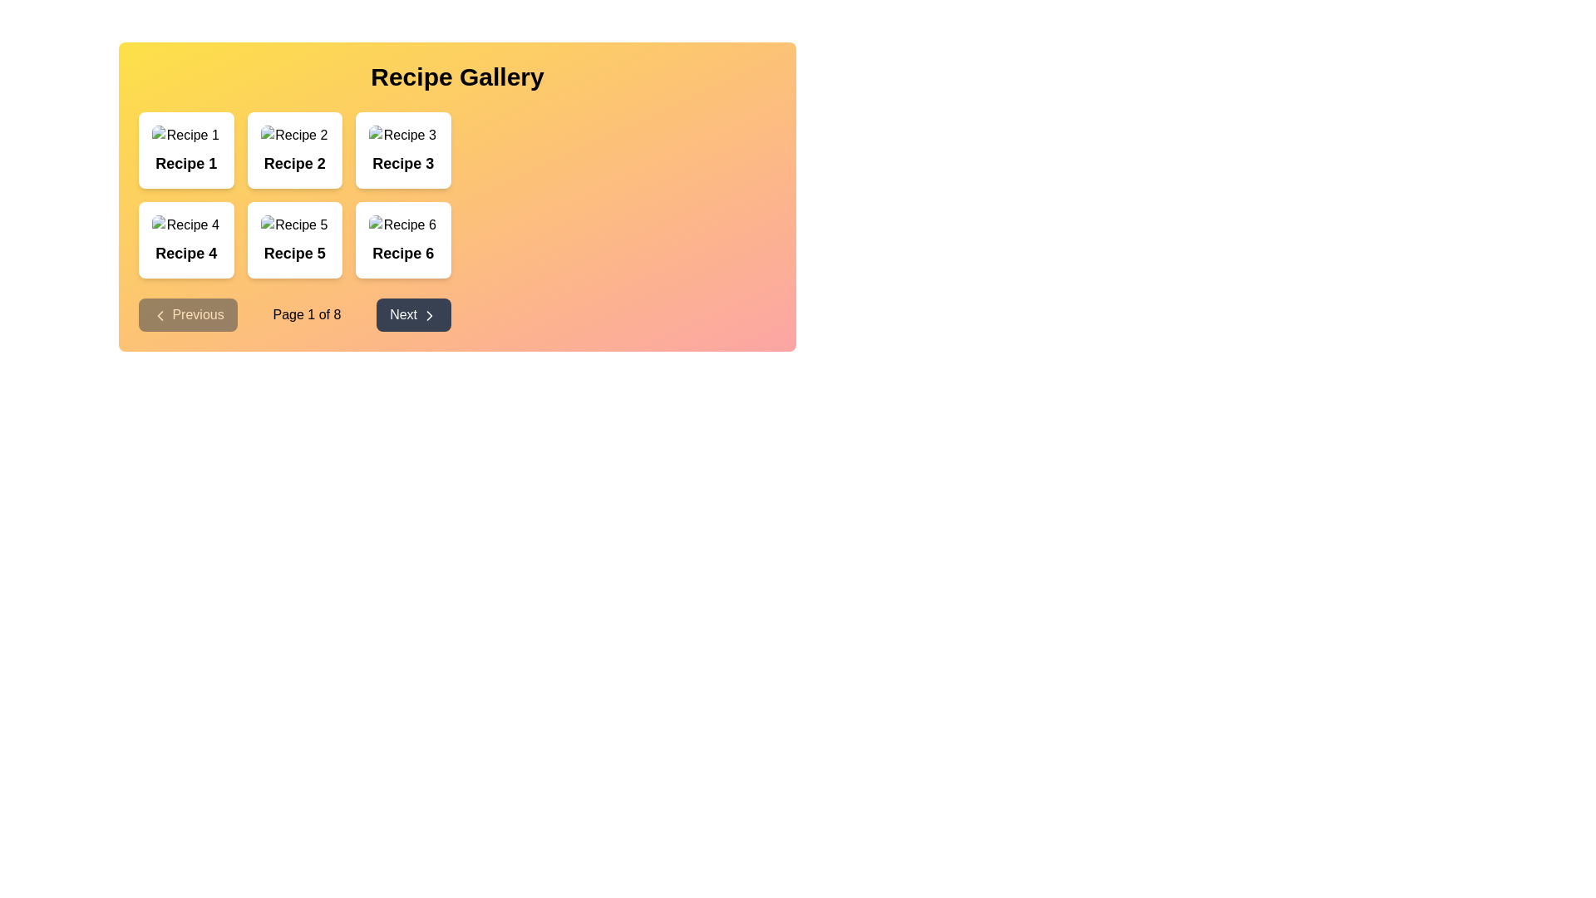 This screenshot has height=898, width=1596. What do you see at coordinates (188, 314) in the screenshot?
I see `the 'Previous' button, which is a horizontally placed rectangular button with a left-pointing arrow icon, located at the bottom-left corner of the pagination control` at bounding box center [188, 314].